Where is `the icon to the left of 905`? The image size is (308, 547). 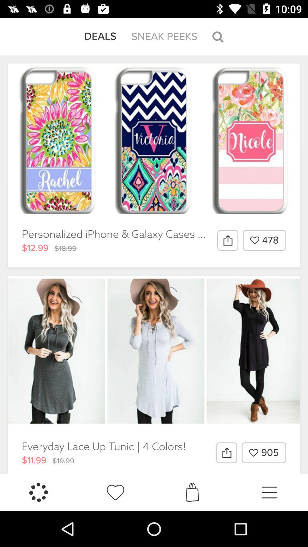 the icon to the left of 905 is located at coordinates (226, 452).